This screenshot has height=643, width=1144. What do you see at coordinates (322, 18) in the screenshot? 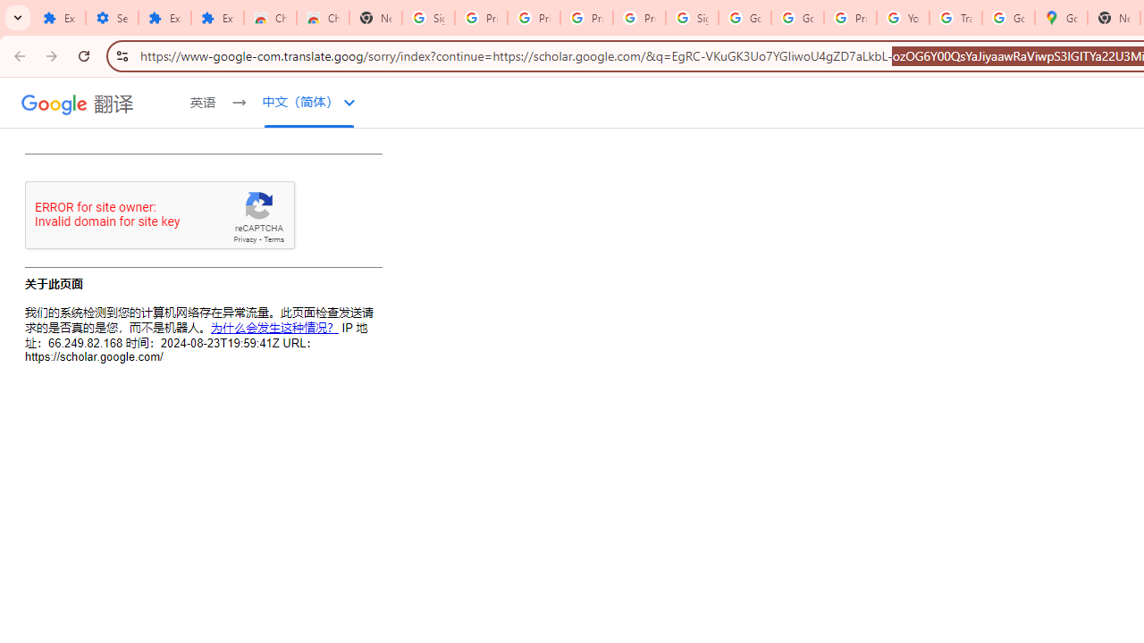
I see `'Chrome Web Store - Themes'` at bounding box center [322, 18].